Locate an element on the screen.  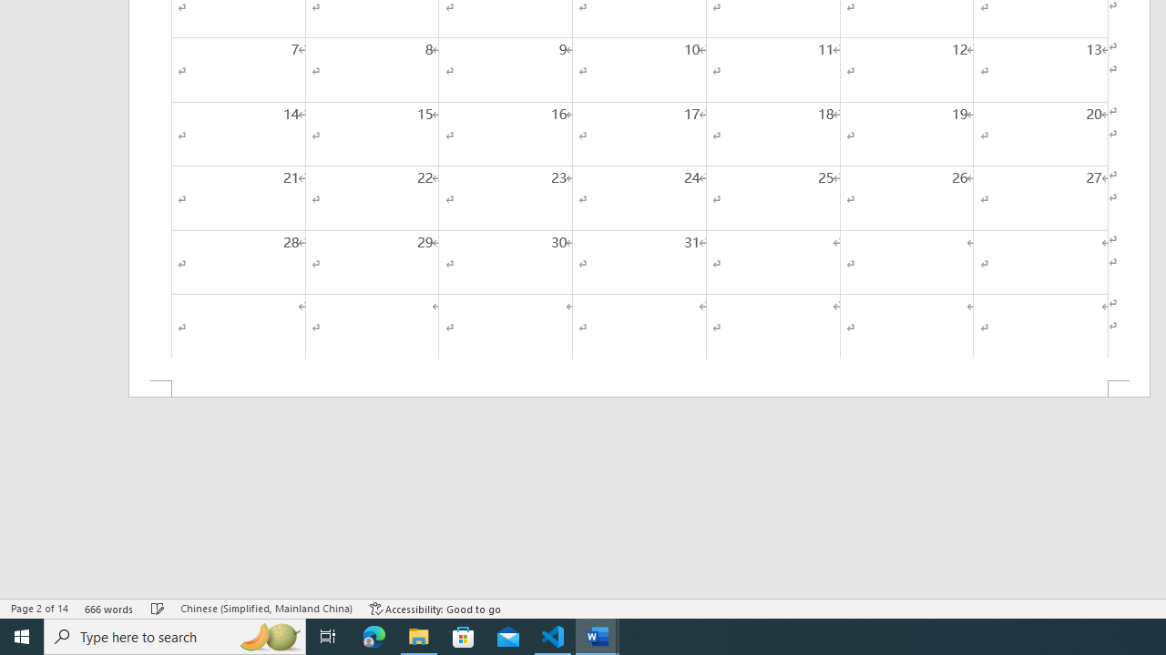
'Language Chinese (Simplified, Mainland China)' is located at coordinates (265, 609).